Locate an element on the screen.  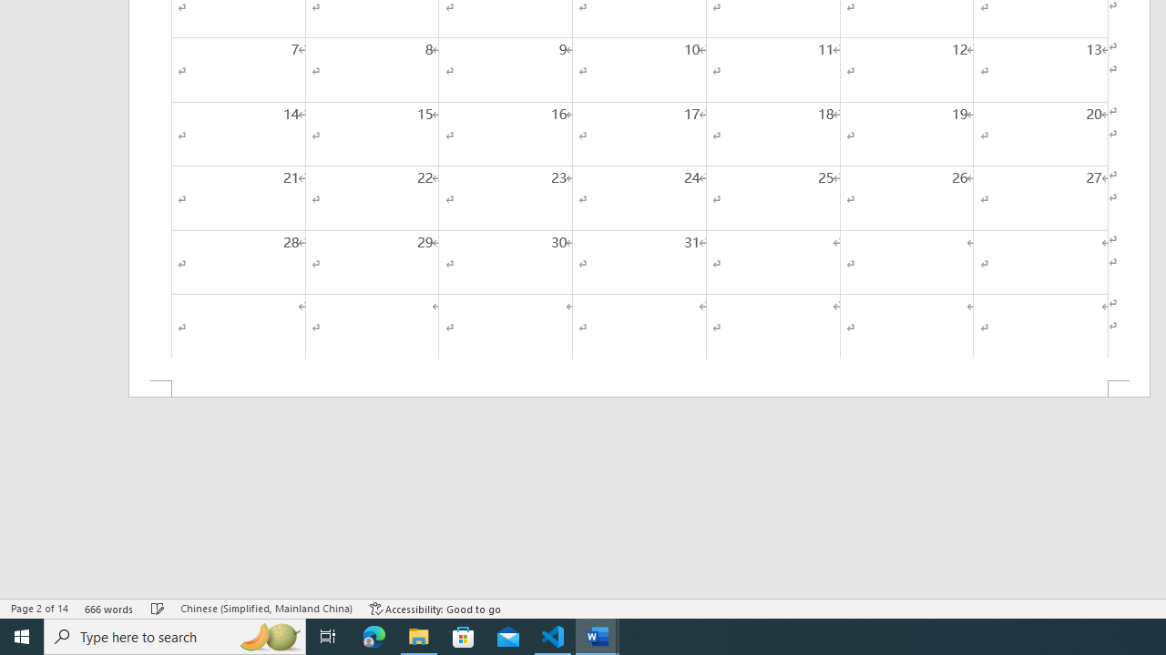
'Language Chinese (Simplified, Mainland China)' is located at coordinates (265, 609).